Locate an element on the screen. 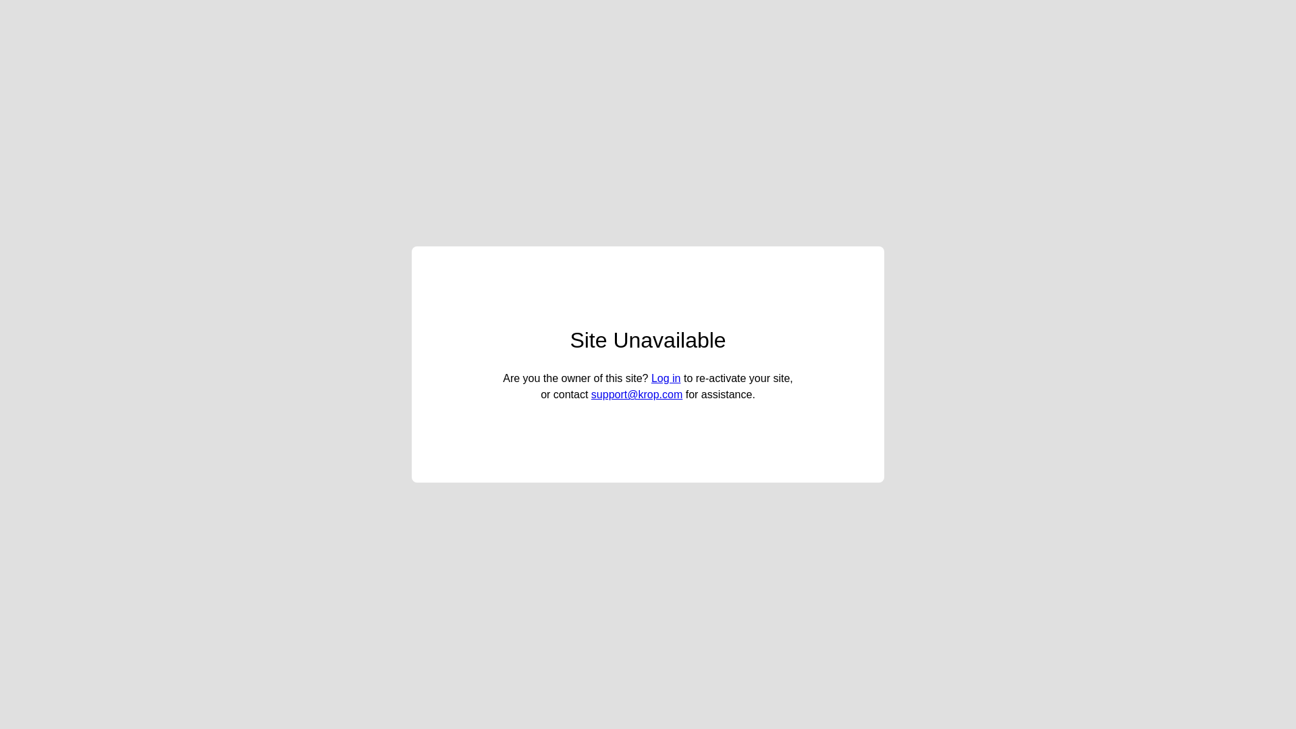 This screenshot has height=729, width=1296. 'support@krop.com' is located at coordinates (591, 394).